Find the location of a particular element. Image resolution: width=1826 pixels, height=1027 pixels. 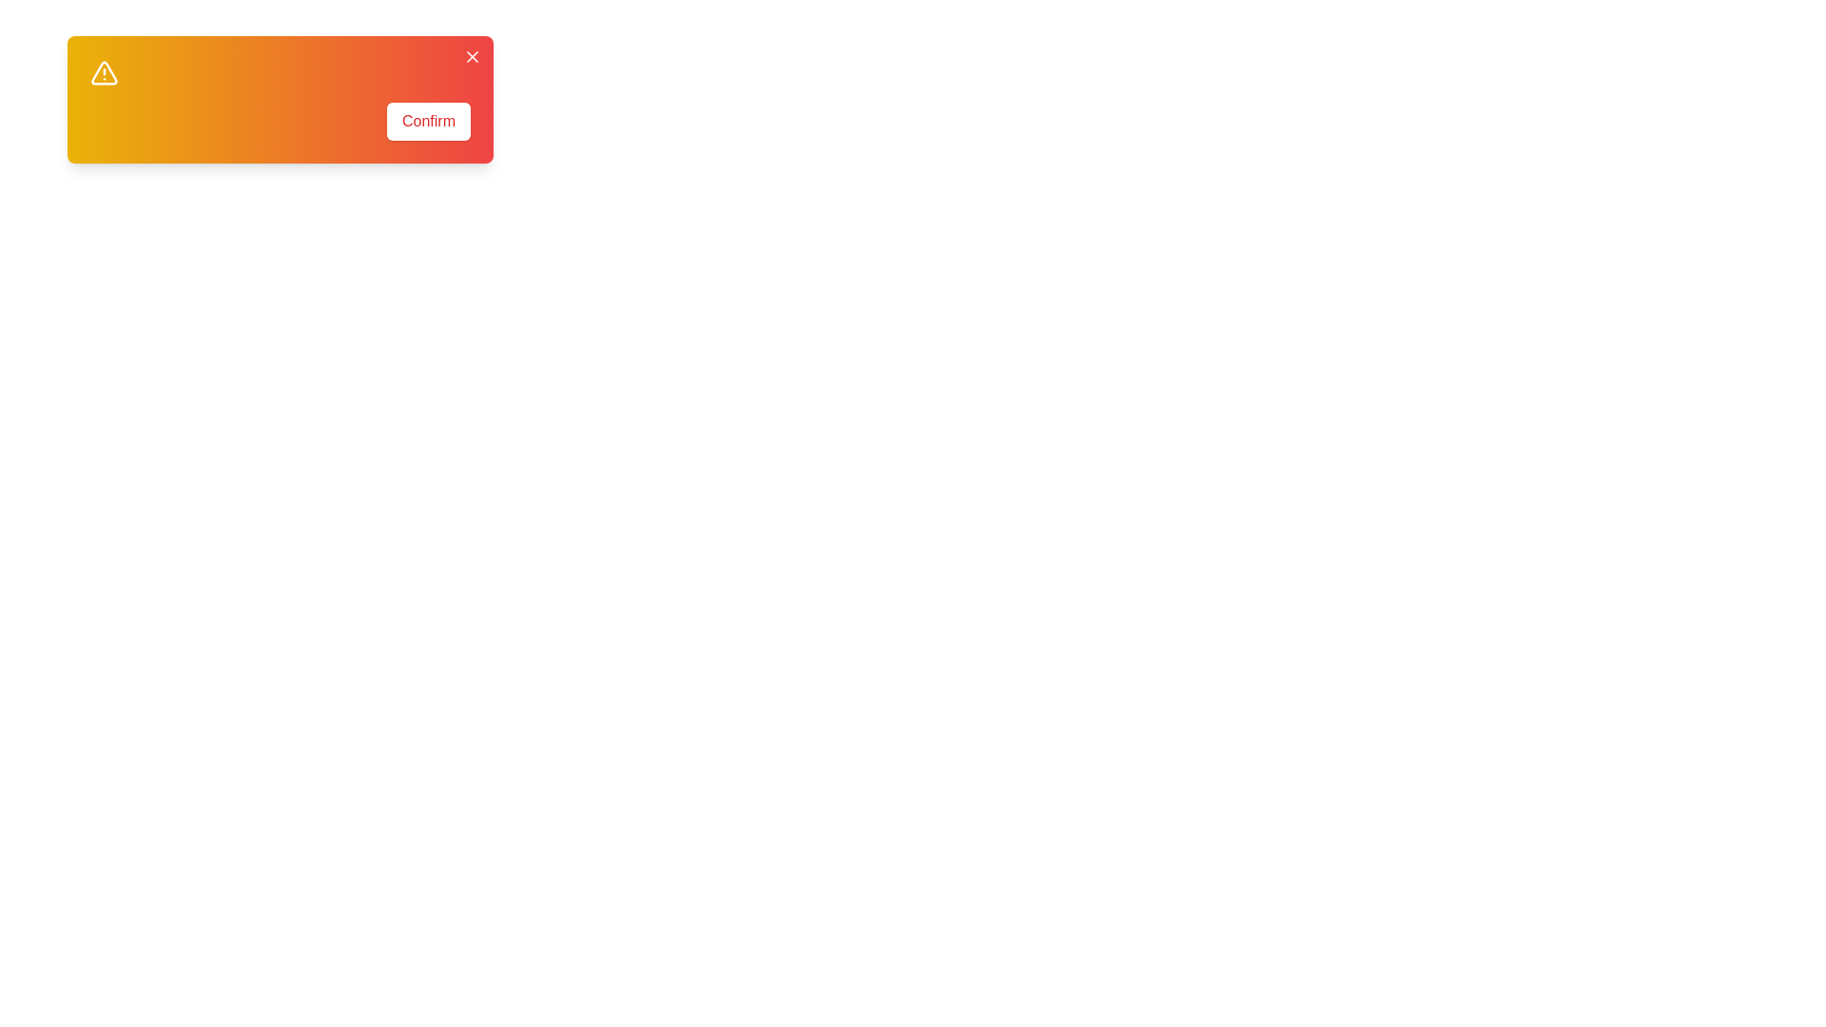

the triangular warning icon with a hollow center, styled with a yellow background and a white border, located in the upper-left corner of the modal dialog box is located at coordinates (104, 72).